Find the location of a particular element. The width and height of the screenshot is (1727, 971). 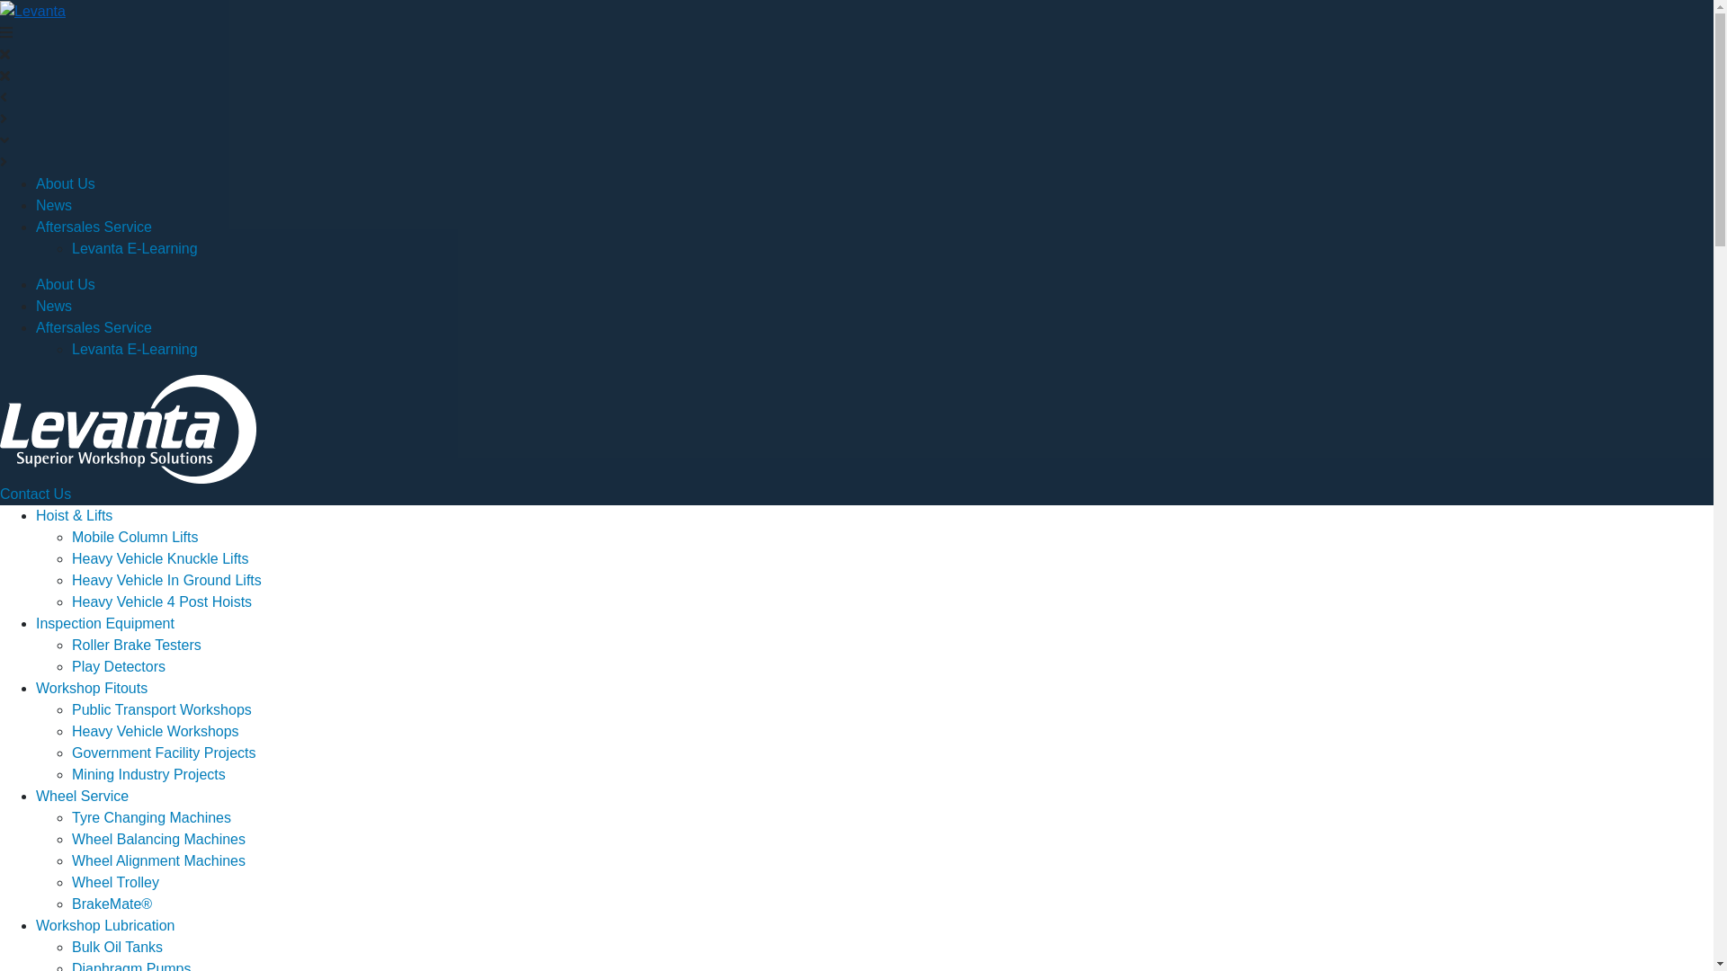

'News' is located at coordinates (53, 305).